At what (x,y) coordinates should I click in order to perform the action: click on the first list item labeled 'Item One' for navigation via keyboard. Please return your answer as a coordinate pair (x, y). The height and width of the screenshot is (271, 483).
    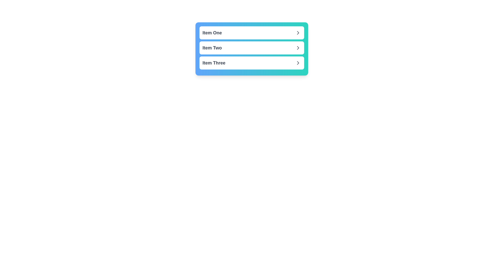
    Looking at the image, I should click on (252, 33).